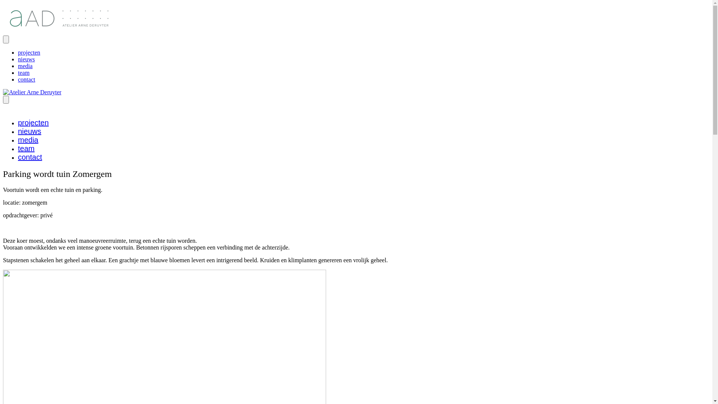 The width and height of the screenshot is (718, 404). I want to click on 'contact', so click(30, 157).